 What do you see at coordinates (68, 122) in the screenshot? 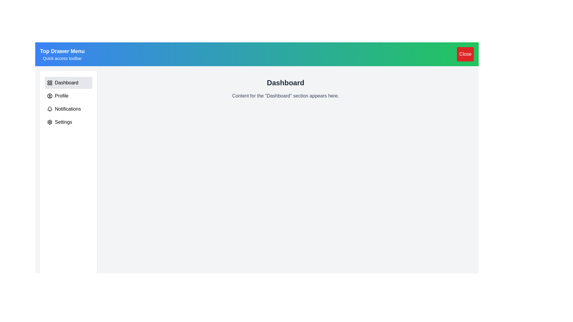
I see `the Settings section by clicking on its entry in the sidebar menu` at bounding box center [68, 122].